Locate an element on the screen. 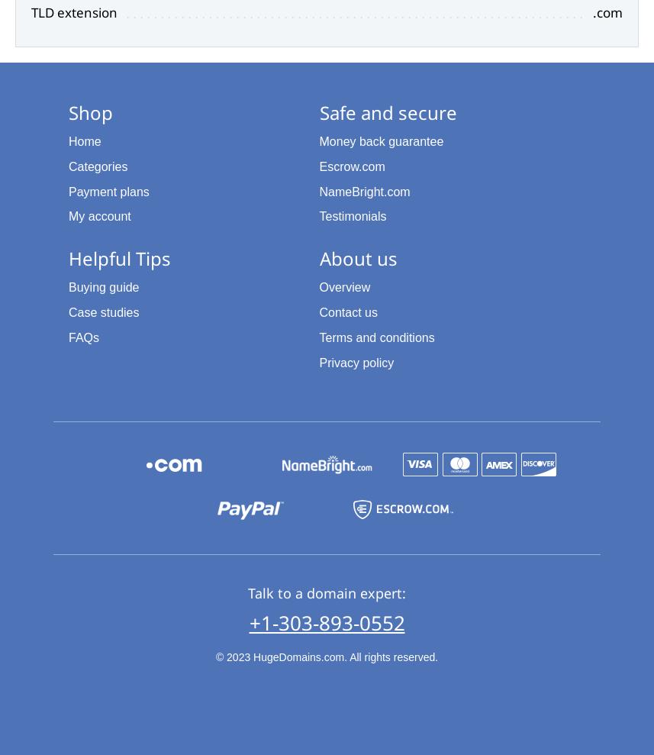 The height and width of the screenshot is (755, 654). 'NameBright.com' is located at coordinates (364, 190).